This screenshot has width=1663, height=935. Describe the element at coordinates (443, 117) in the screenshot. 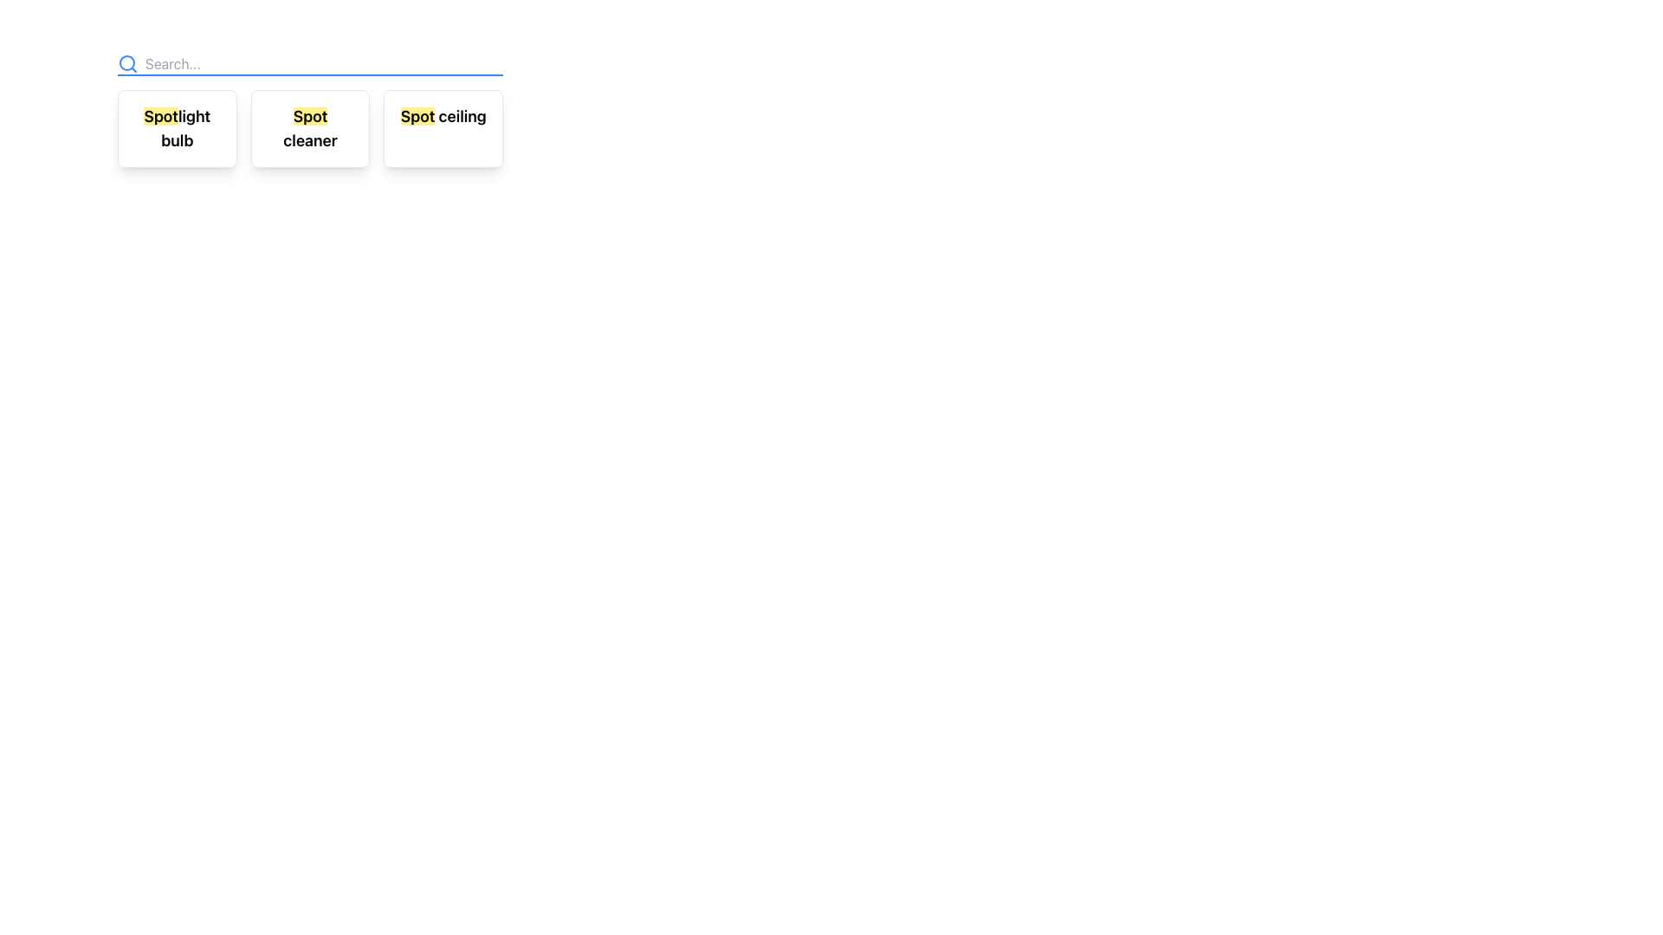

I see `label text 'Spot ceiling' which is highlighted with a yellow background and bolded within a card element in the upper right section of the grid-like structure` at that location.